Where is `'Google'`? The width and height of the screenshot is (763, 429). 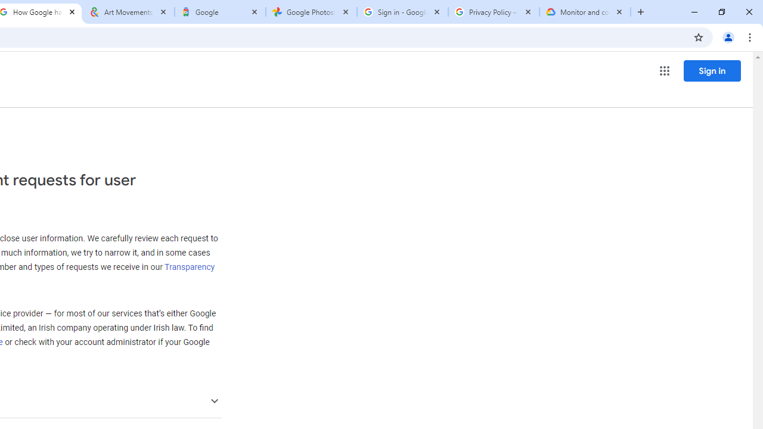 'Google' is located at coordinates (220, 12).